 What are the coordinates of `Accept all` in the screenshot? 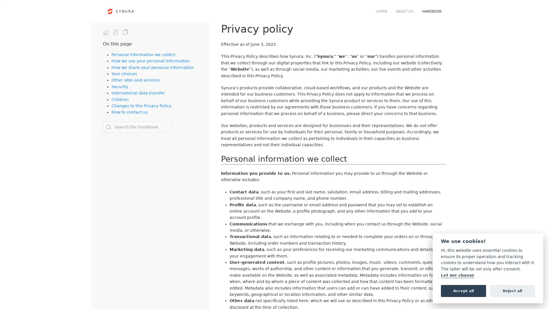 It's located at (463, 290).